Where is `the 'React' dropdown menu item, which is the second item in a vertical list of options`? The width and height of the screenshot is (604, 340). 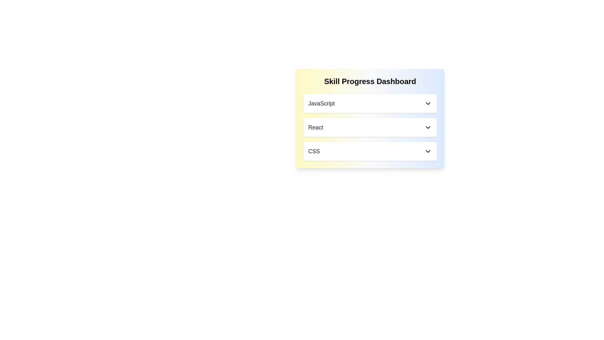 the 'React' dropdown menu item, which is the second item in a vertical list of options is located at coordinates (370, 127).